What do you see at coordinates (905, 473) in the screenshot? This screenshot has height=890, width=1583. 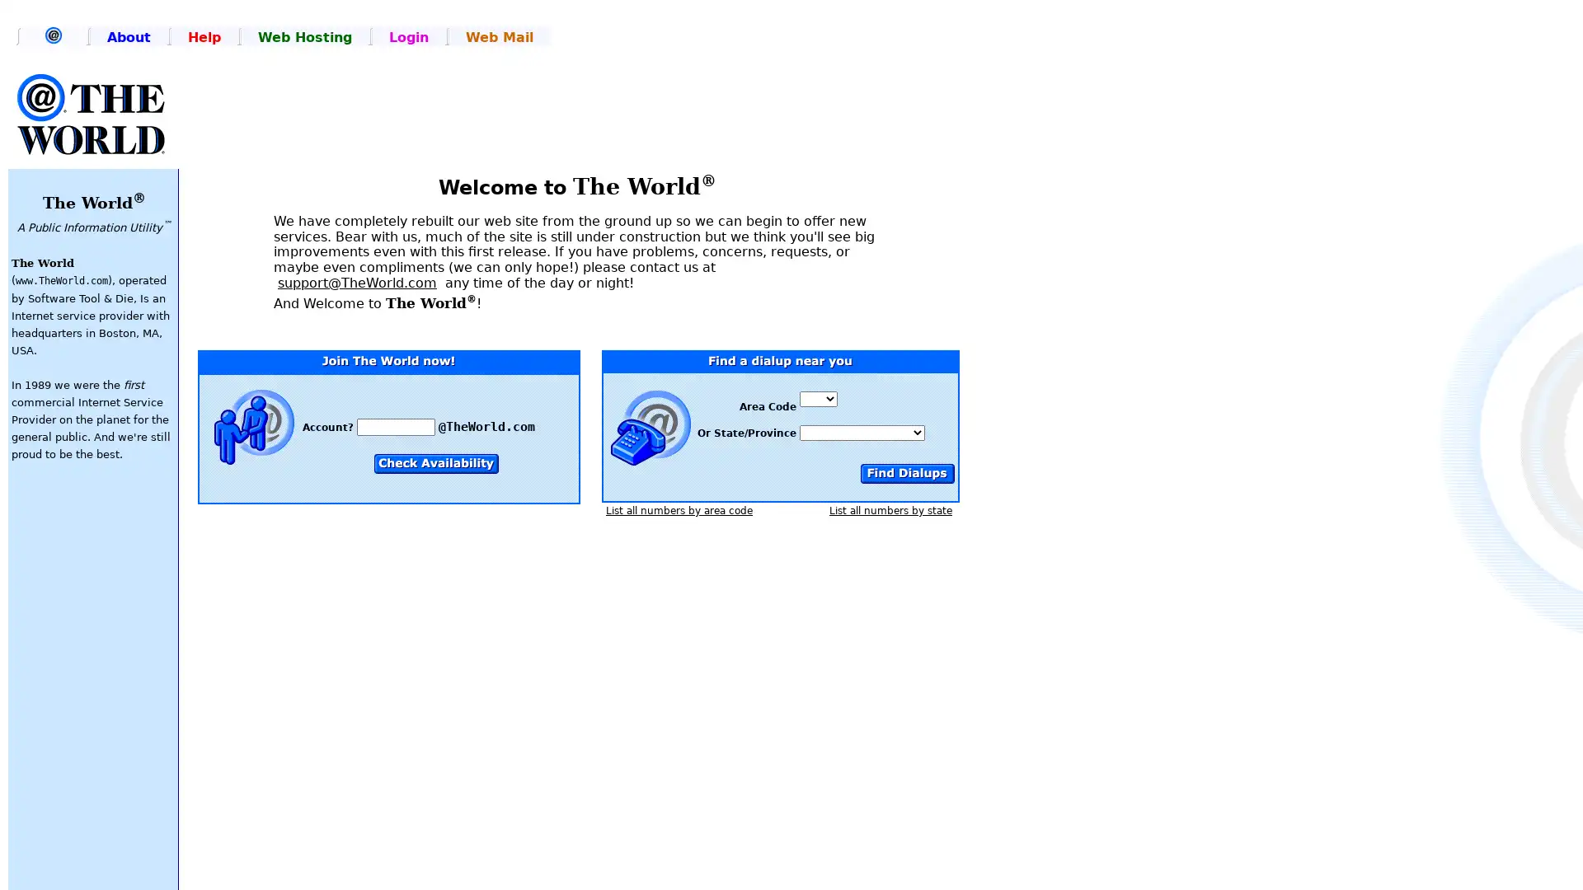 I see `Submit` at bounding box center [905, 473].